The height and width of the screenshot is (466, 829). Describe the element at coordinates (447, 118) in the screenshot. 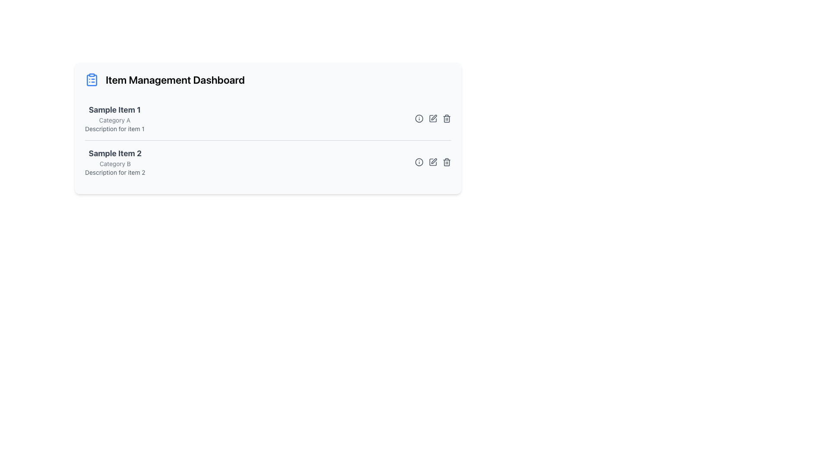

I see `the delete button with an icon located to the far right of the second item row` at that location.